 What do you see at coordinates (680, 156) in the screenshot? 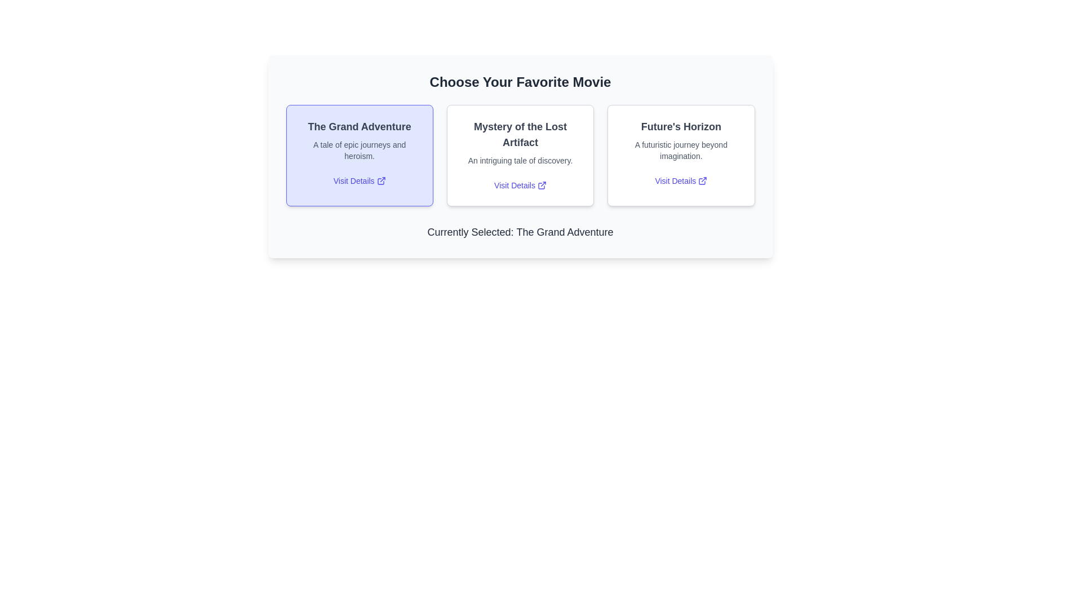
I see `the 'Future's Horizon' card in the third column of the grid to scale it slightly` at bounding box center [680, 156].